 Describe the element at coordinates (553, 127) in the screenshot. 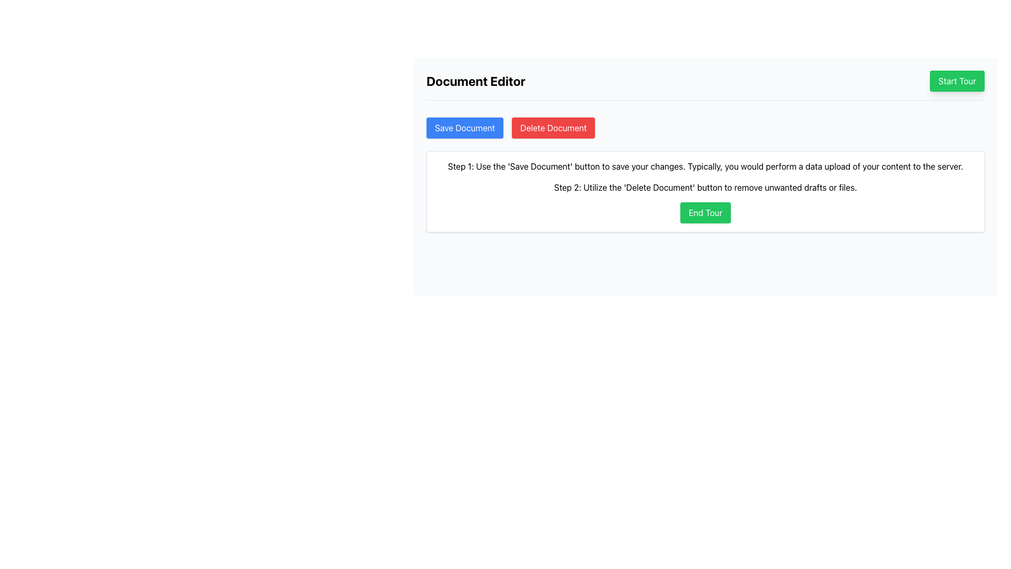

I see `the delete button located to the right of the blue 'Save Document' button` at that location.